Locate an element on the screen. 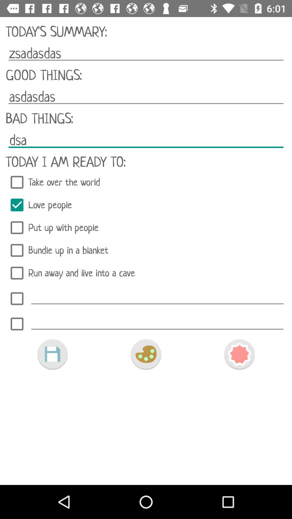 This screenshot has width=292, height=519. icon above good things: is located at coordinates (146, 53).